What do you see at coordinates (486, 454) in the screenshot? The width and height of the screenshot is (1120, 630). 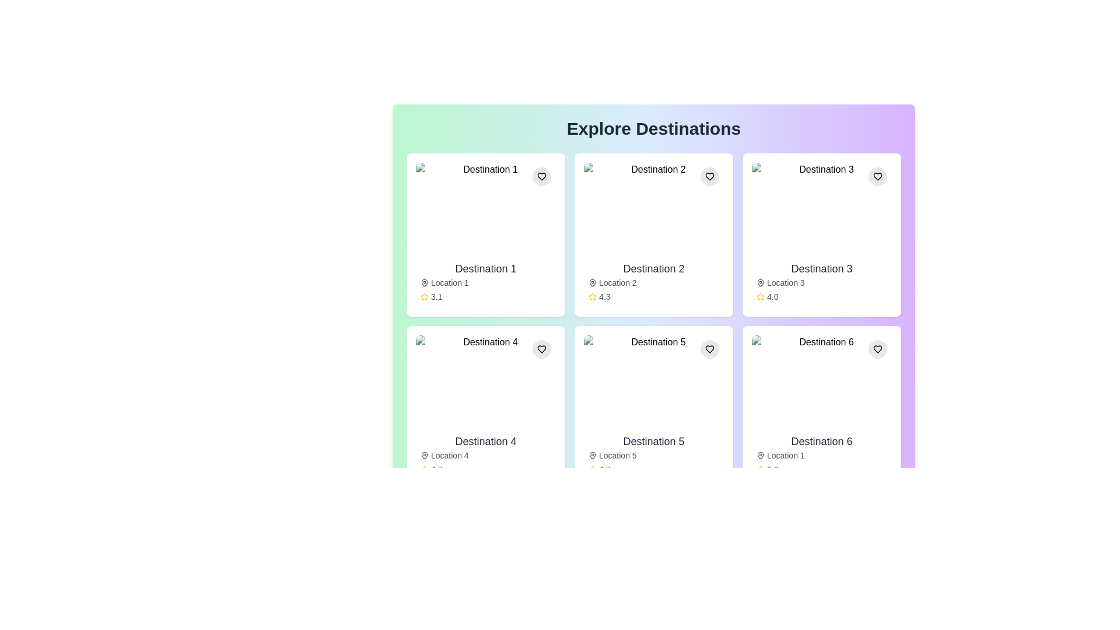 I see `the associated map pin icon next to the 'Location 4' text label within the 'Destination 4' card` at bounding box center [486, 454].